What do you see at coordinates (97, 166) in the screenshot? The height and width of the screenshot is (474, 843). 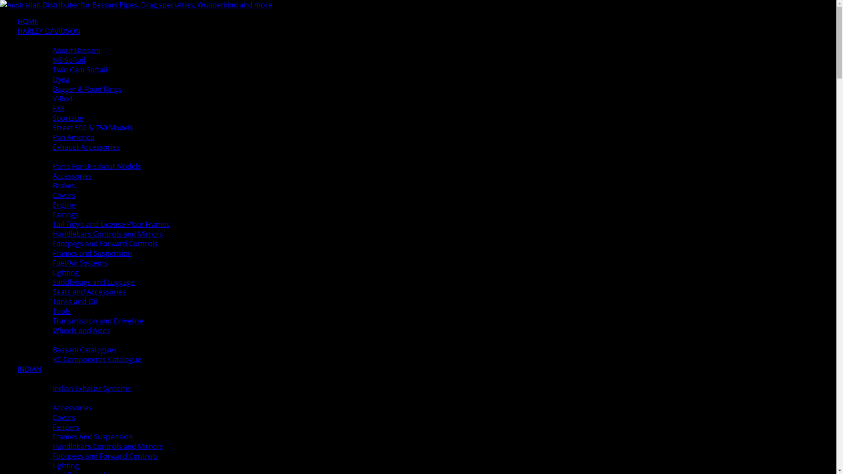 I see `'Parts For Breakout Models'` at bounding box center [97, 166].